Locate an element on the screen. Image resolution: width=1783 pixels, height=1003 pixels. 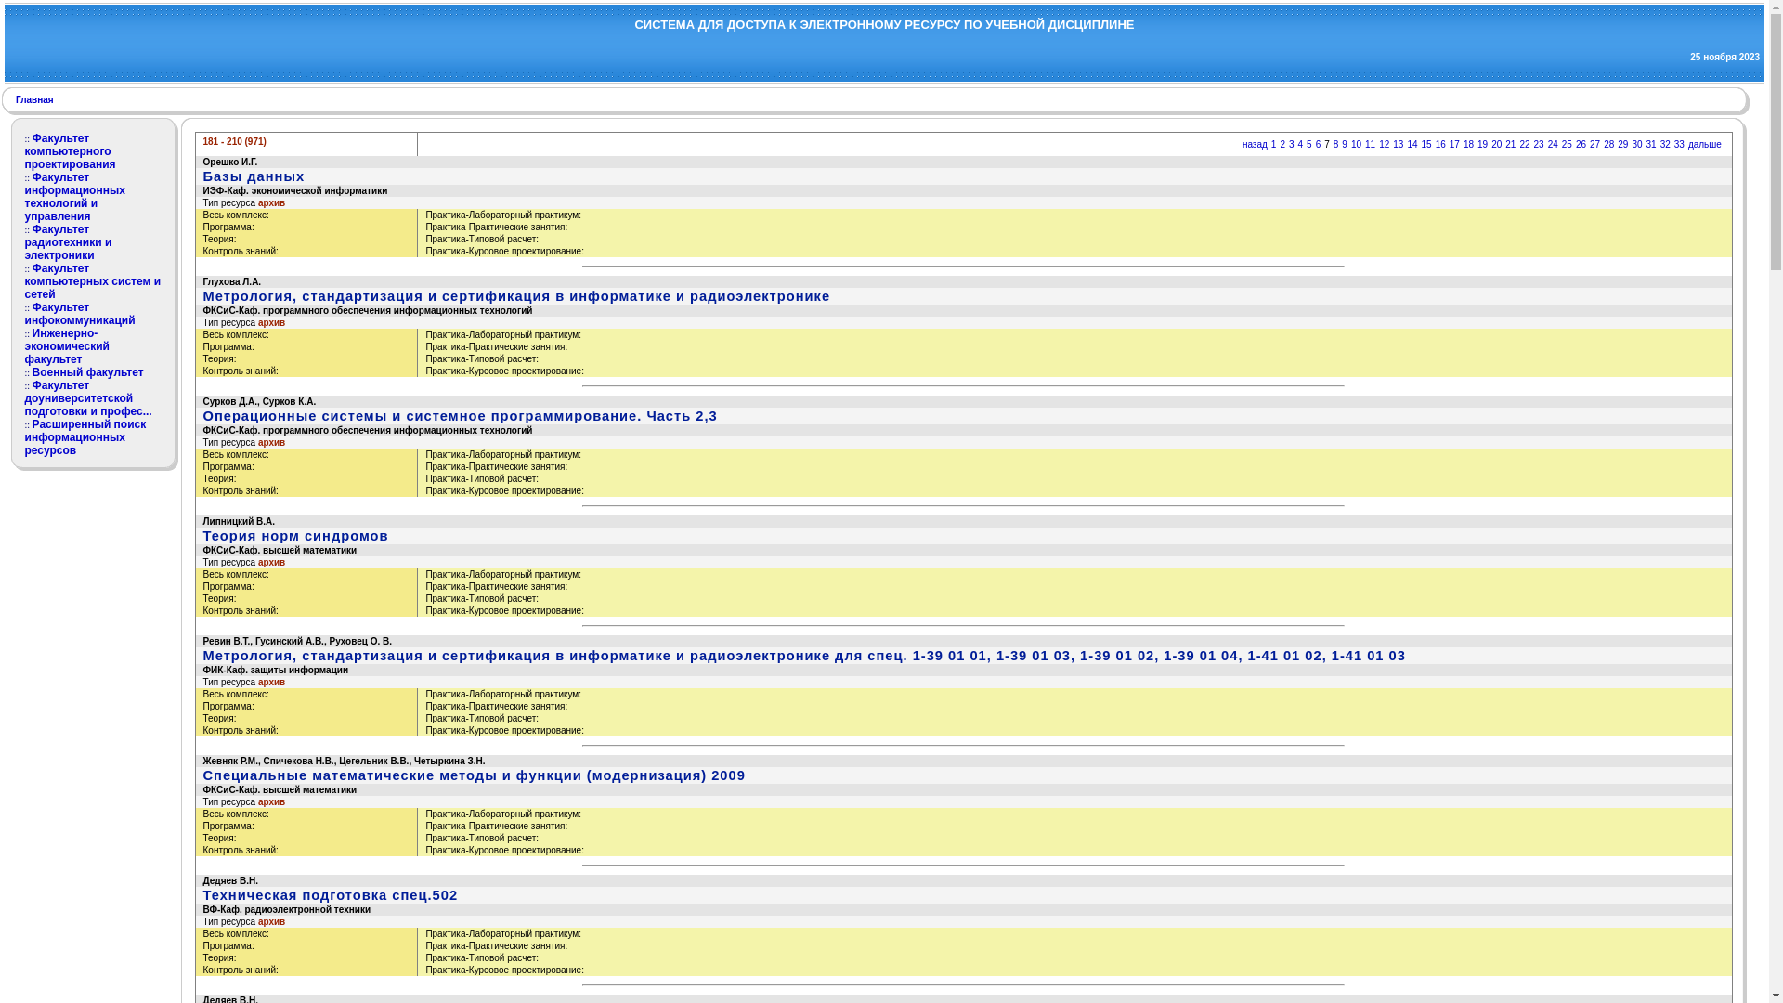
'23' is located at coordinates (1539, 143).